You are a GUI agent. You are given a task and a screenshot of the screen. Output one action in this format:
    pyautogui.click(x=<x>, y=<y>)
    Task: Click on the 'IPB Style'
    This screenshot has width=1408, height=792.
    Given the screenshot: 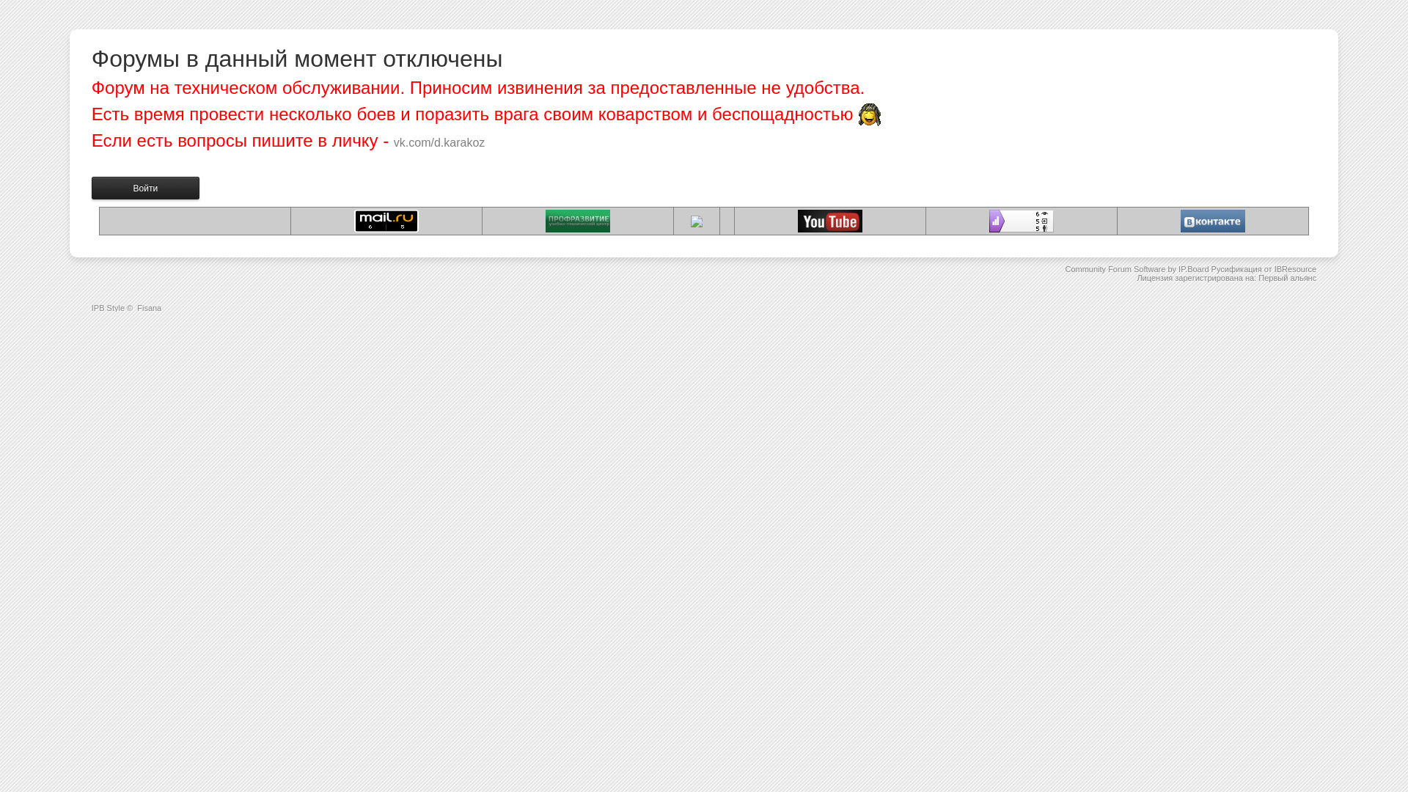 What is the action you would take?
    pyautogui.click(x=107, y=307)
    